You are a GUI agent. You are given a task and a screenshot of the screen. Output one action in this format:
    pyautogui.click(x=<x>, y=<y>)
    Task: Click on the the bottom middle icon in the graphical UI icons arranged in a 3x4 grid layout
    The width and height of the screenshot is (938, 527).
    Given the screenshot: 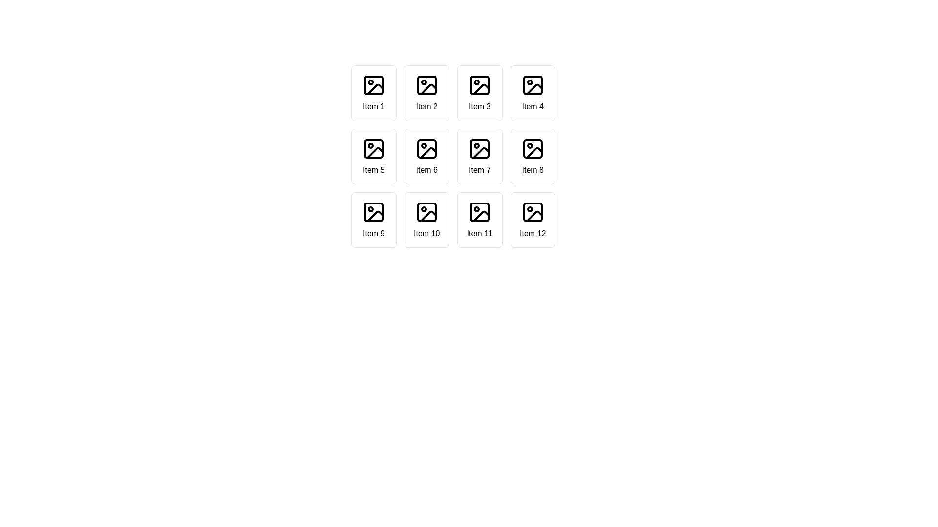 What is the action you would take?
    pyautogui.click(x=428, y=216)
    